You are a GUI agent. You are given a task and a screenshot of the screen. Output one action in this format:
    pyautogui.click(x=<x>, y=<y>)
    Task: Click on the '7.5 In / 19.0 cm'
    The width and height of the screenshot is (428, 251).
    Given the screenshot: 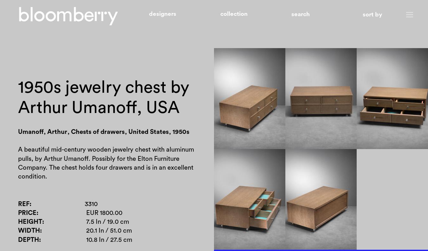 What is the action you would take?
    pyautogui.click(x=107, y=222)
    